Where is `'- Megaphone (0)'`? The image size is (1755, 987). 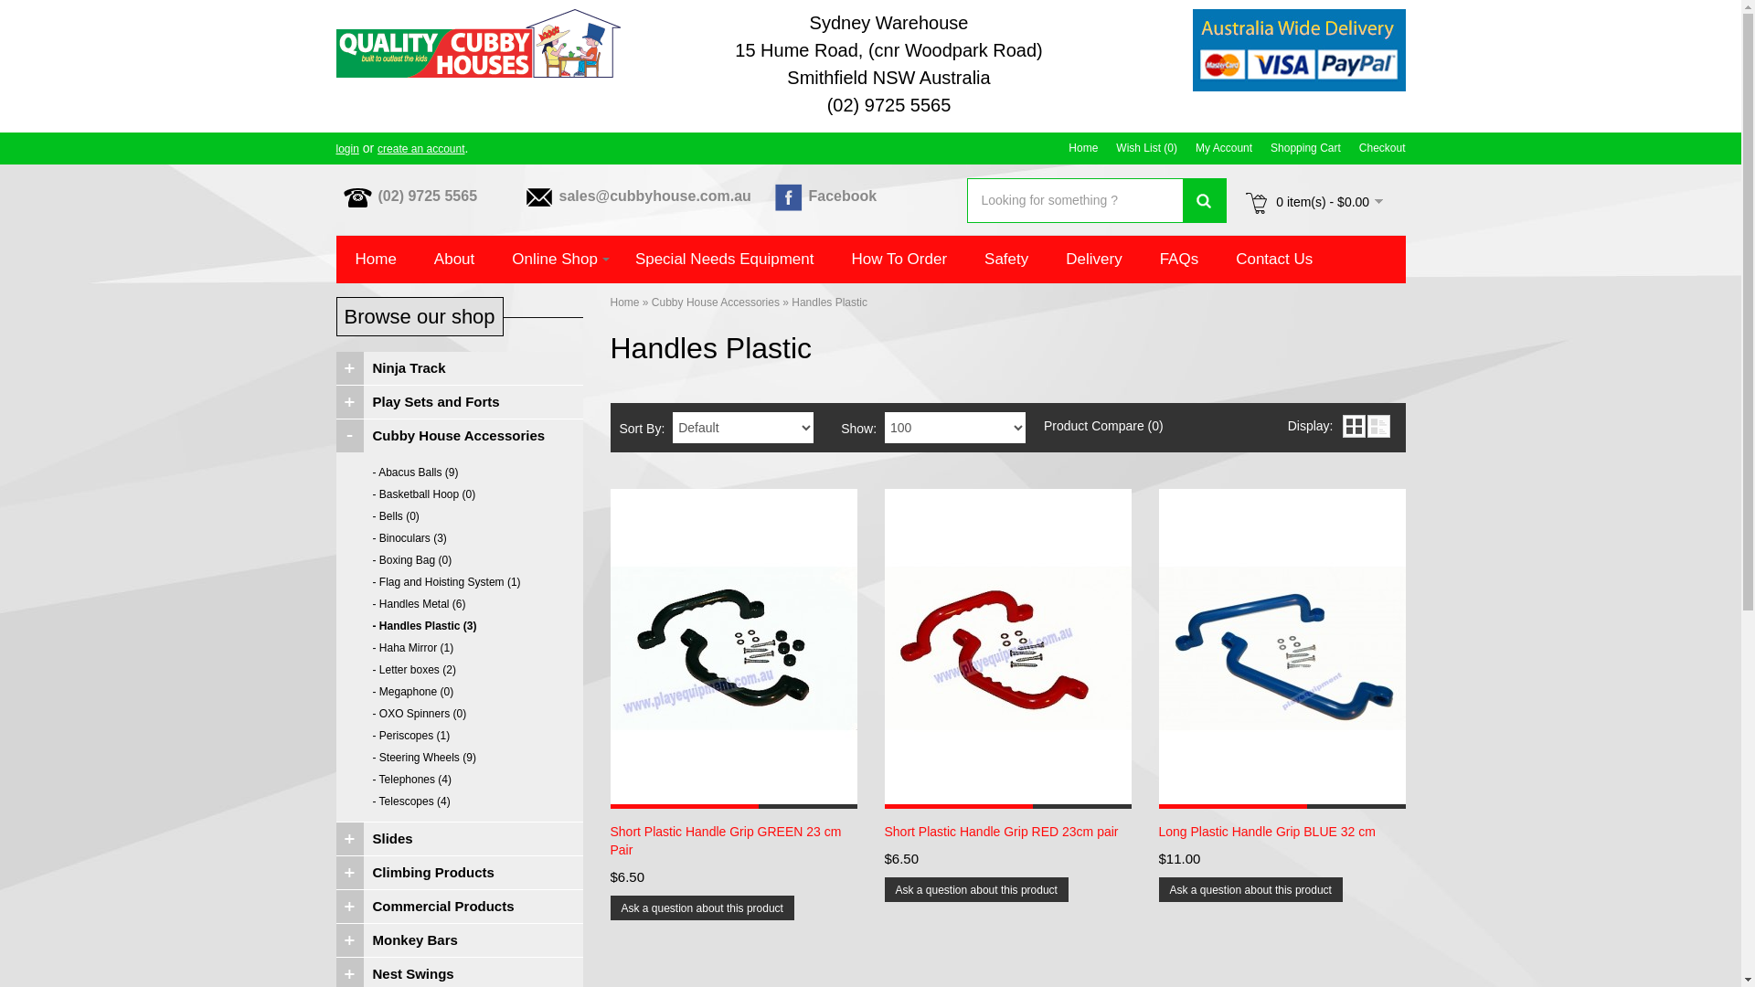 '- Megaphone (0)' is located at coordinates (460, 691).